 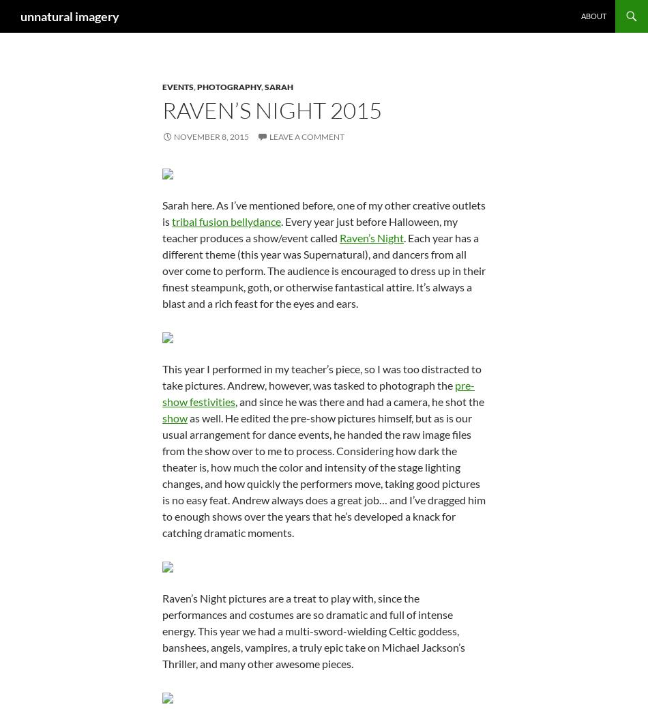 What do you see at coordinates (359, 401) in the screenshot?
I see `', and since he was there and had a camera, he shot the'` at bounding box center [359, 401].